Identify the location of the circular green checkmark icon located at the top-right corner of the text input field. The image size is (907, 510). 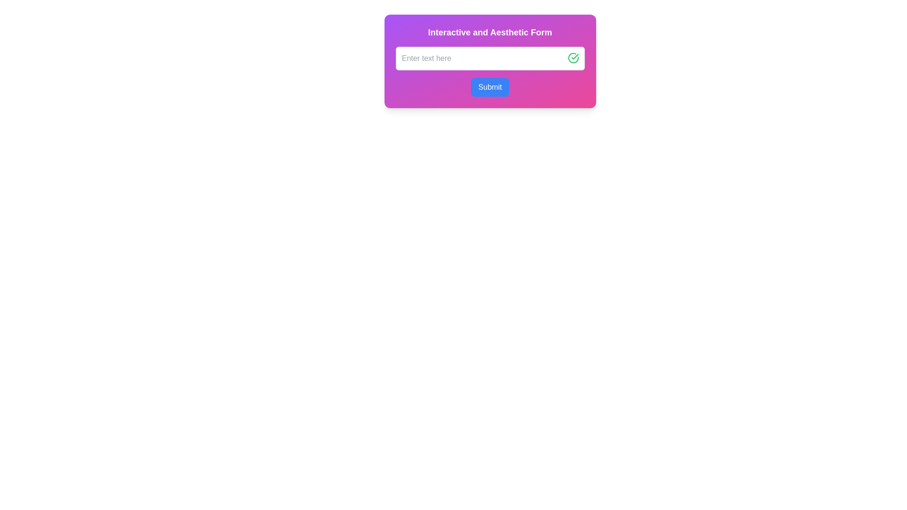
(573, 58).